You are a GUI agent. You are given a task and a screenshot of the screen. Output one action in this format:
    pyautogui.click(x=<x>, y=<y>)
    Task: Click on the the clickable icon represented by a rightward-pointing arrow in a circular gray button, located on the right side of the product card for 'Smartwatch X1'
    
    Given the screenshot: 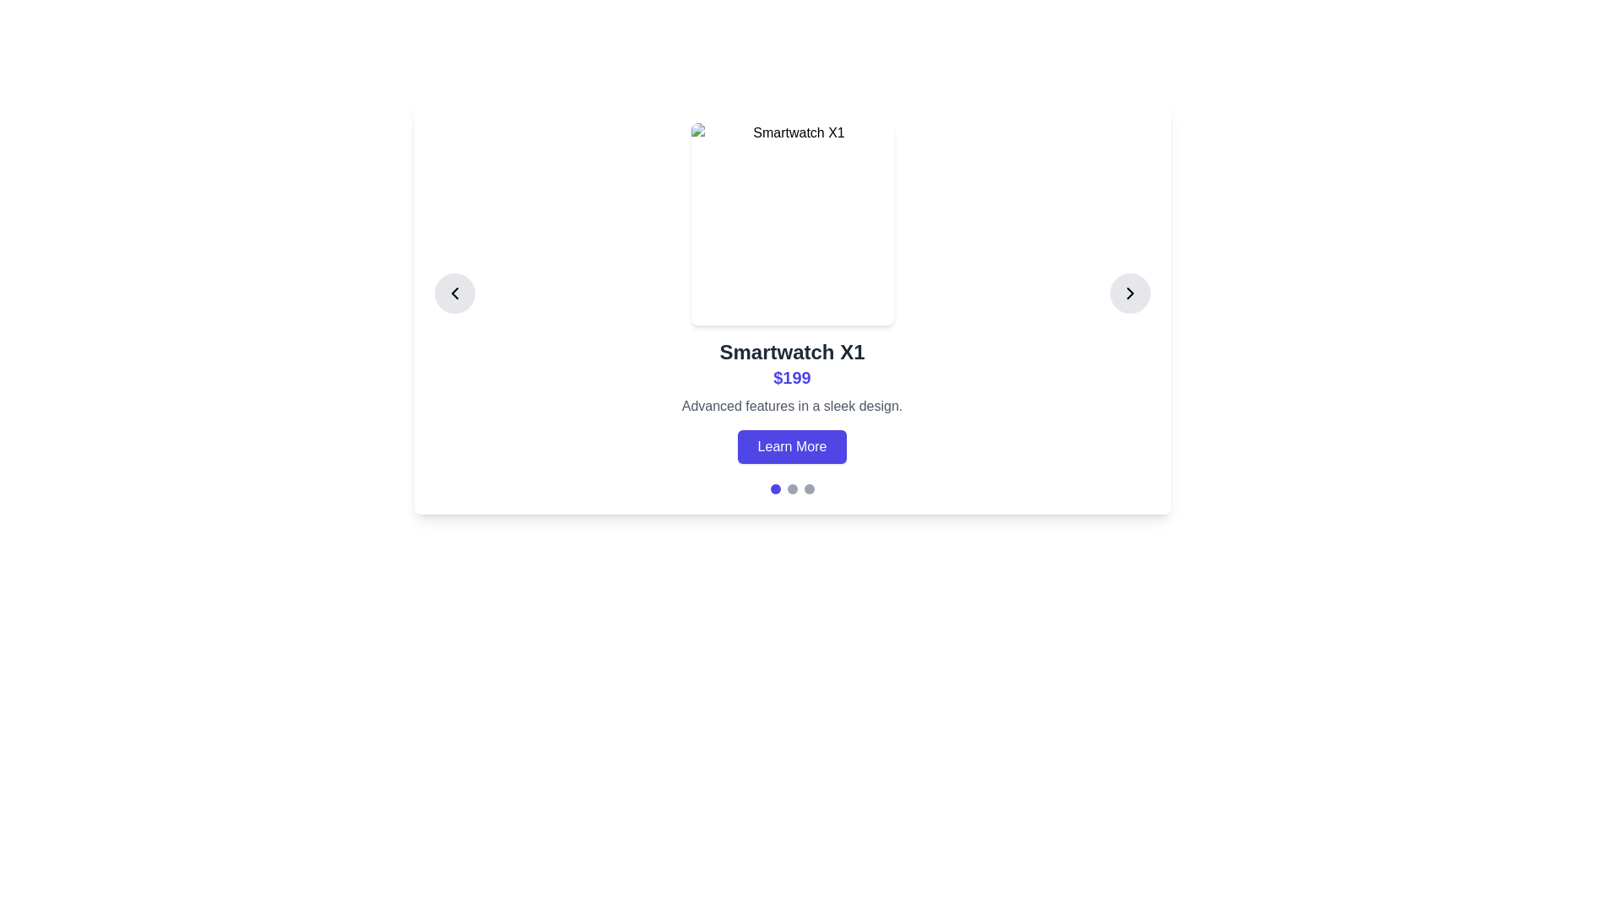 What is the action you would take?
    pyautogui.click(x=1130, y=292)
    